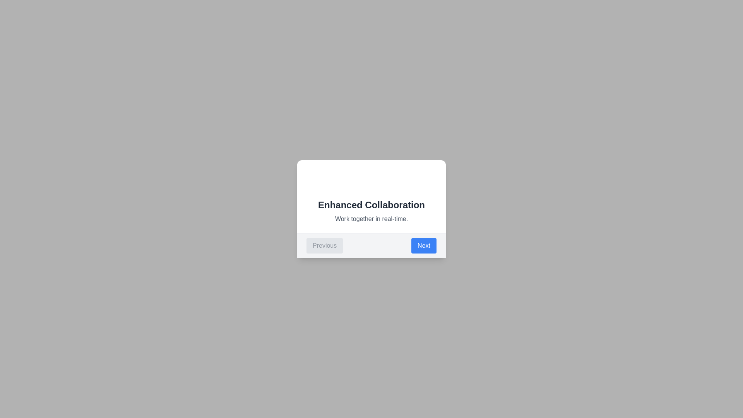 The width and height of the screenshot is (743, 418). What do you see at coordinates (371, 204) in the screenshot?
I see `text content of the bold header labeled 'Enhanced Collaboration.'` at bounding box center [371, 204].